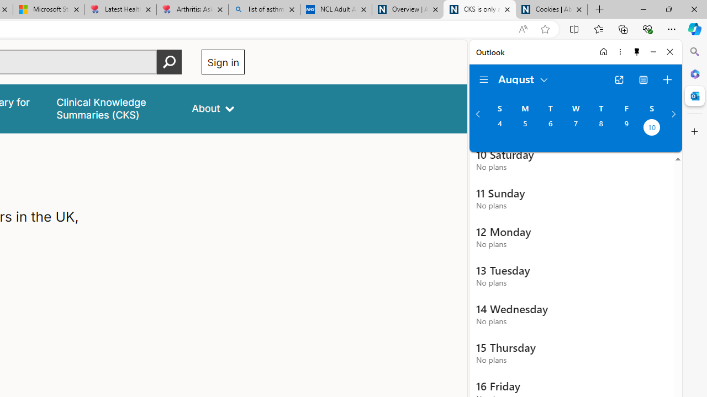 The width and height of the screenshot is (707, 397). I want to click on 'Split screen', so click(574, 28).